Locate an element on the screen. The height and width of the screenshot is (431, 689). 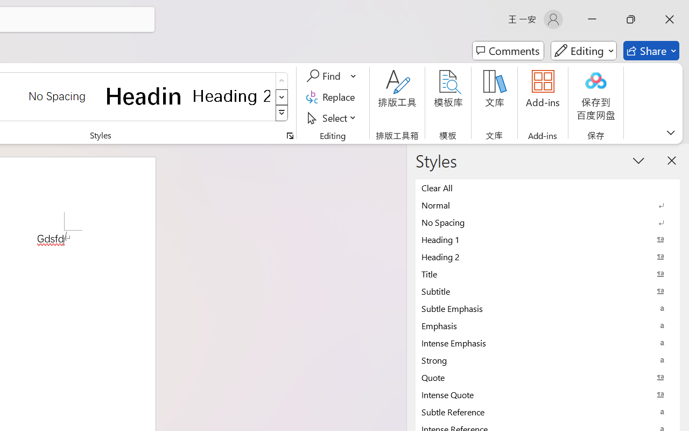
'Strong' is located at coordinates (547, 360).